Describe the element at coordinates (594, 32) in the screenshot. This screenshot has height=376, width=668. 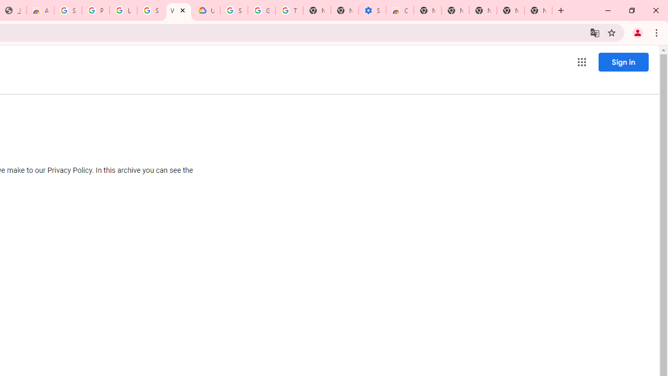
I see `'Translate this page'` at that location.